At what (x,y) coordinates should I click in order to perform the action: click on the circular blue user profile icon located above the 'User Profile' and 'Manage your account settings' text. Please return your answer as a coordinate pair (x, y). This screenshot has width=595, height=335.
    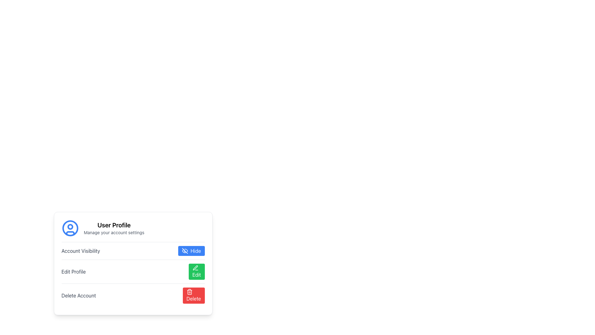
    Looking at the image, I should click on (70, 228).